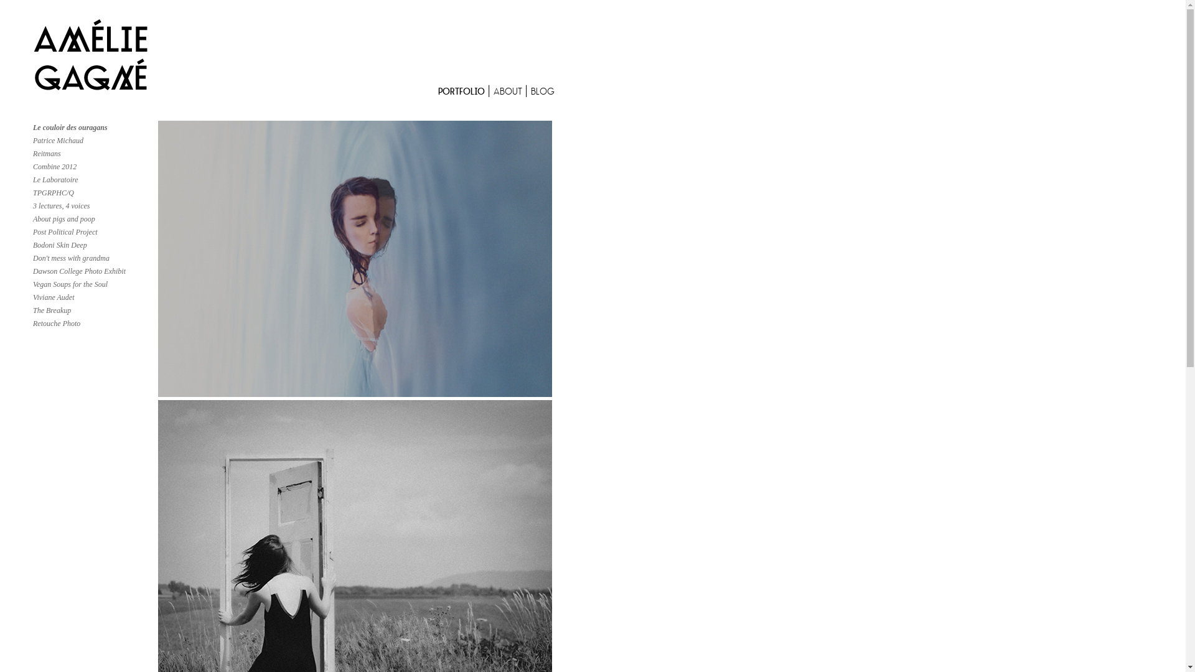  I want to click on 'Dawson College Photo Exhibit', so click(78, 270).